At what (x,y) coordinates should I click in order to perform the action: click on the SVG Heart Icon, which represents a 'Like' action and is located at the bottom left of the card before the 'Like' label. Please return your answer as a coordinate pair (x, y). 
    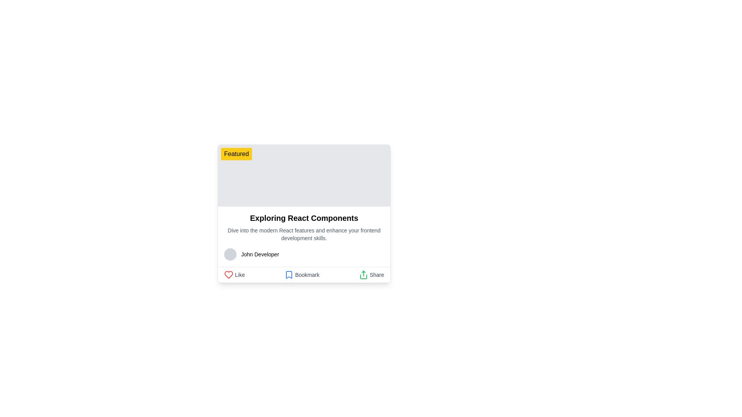
    Looking at the image, I should click on (228, 275).